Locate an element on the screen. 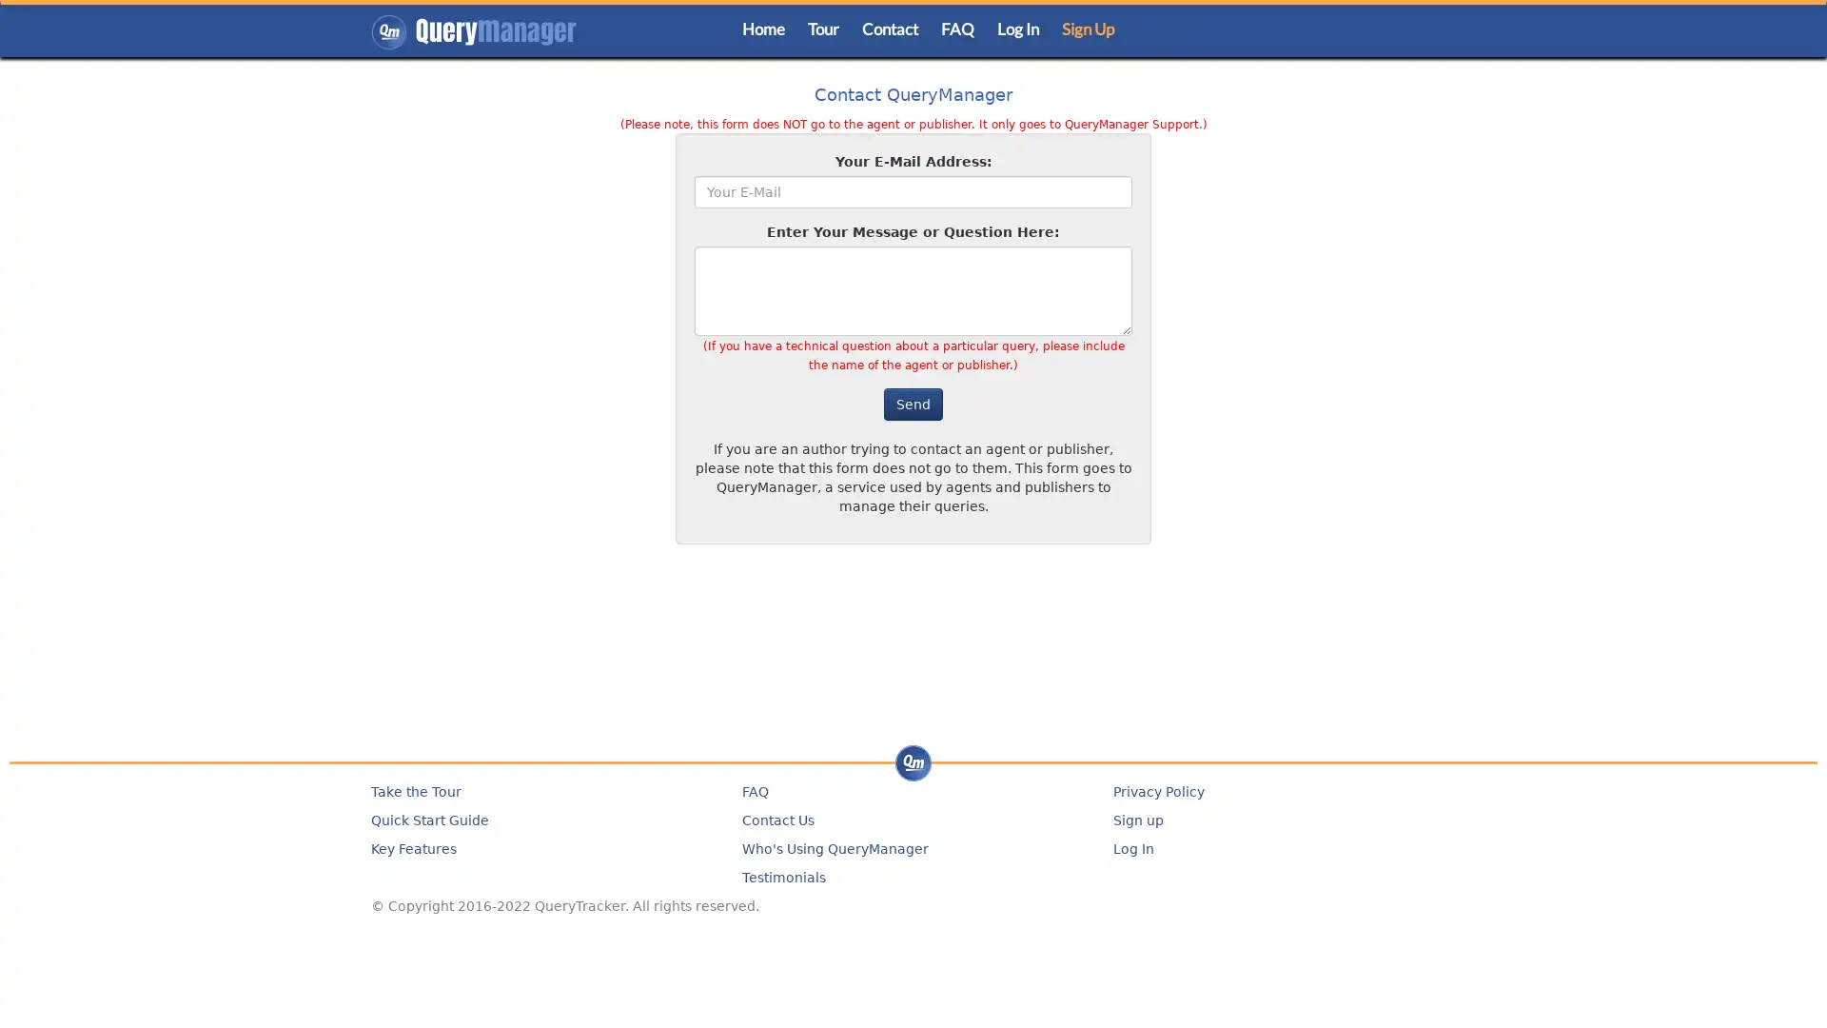 This screenshot has height=1028, width=1827. Send is located at coordinates (913, 403).